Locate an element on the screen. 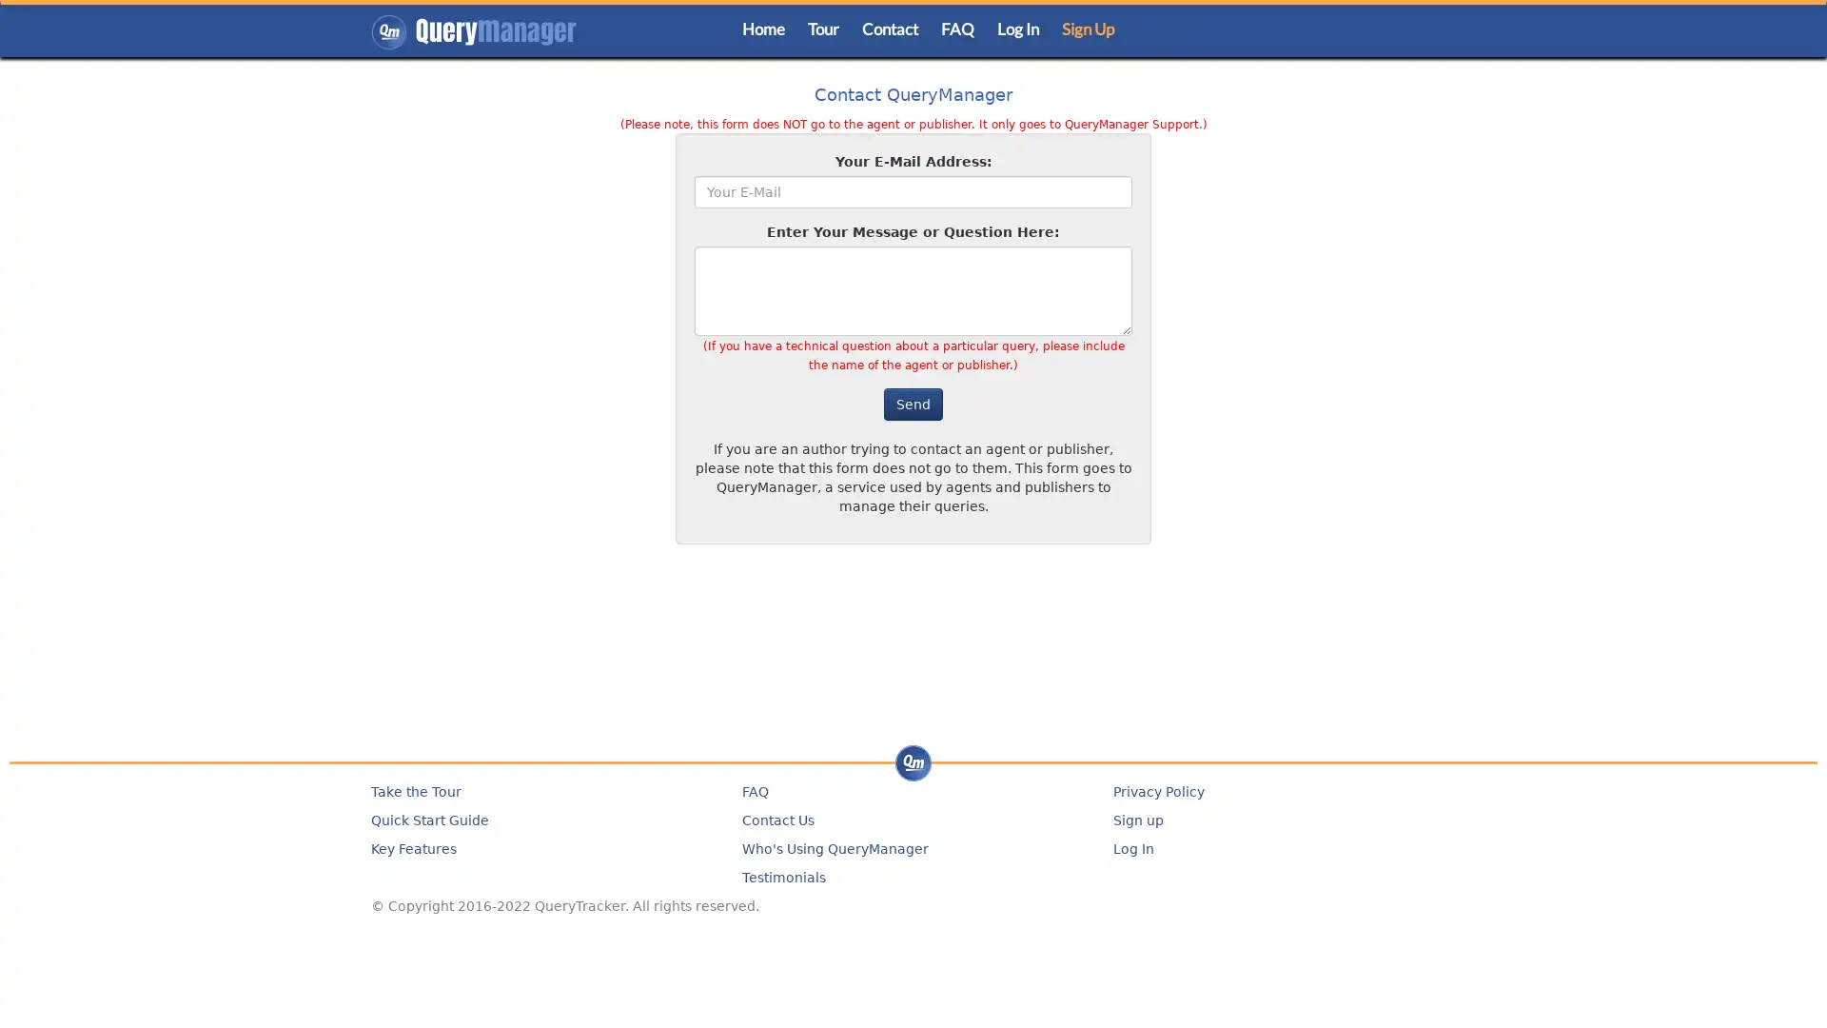 This screenshot has height=1028, width=1827. Send is located at coordinates (913, 403).